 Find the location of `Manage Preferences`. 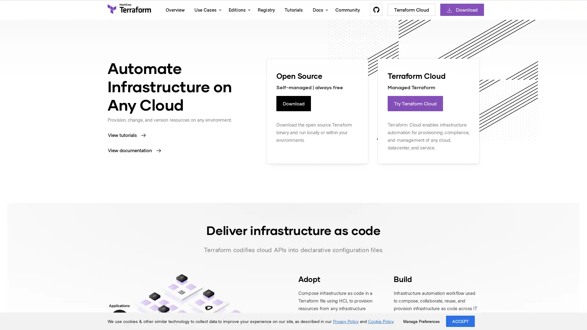

Manage Preferences is located at coordinates (421, 321).